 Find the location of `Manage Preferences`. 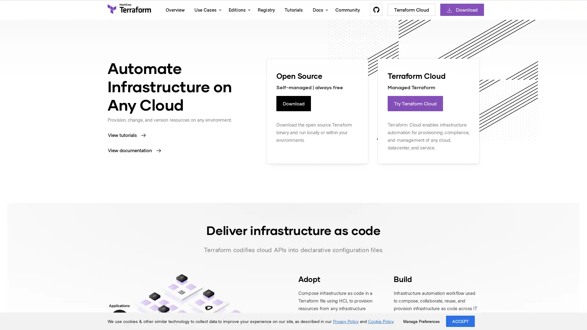

Manage Preferences is located at coordinates (421, 321).